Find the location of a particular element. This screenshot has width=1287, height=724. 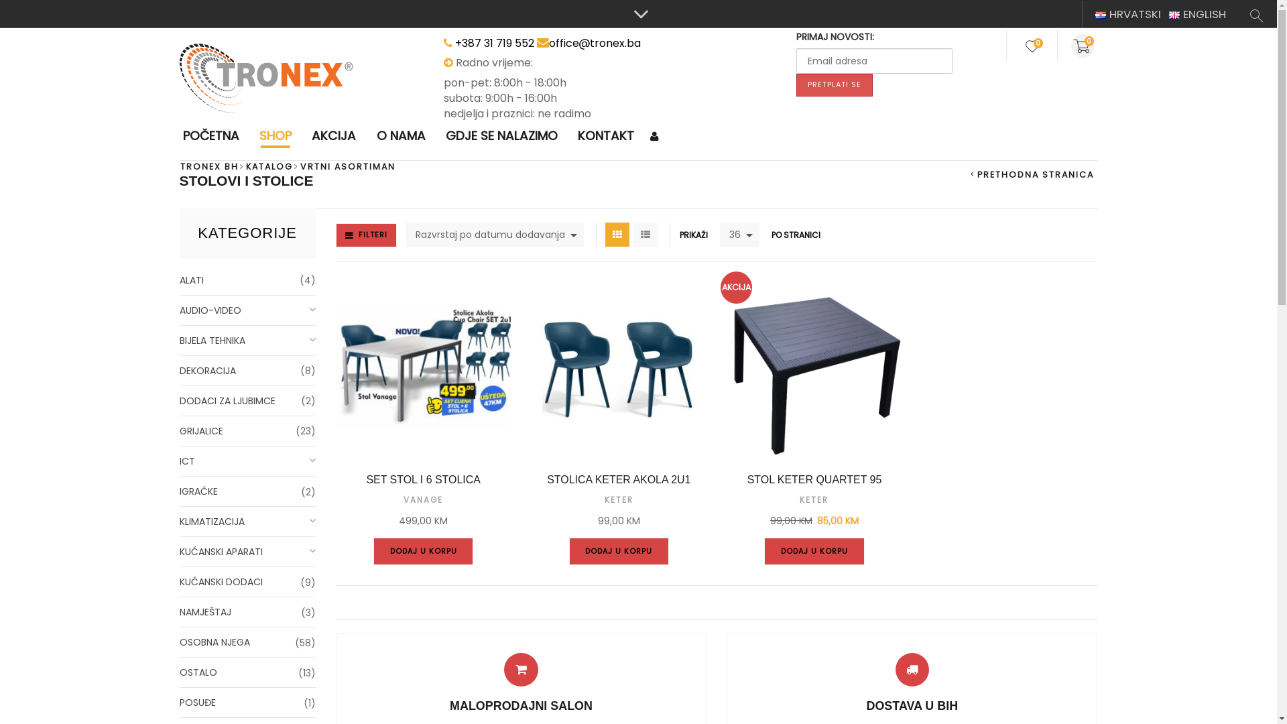

'AUDIO-VIDEO' is located at coordinates (179, 310).